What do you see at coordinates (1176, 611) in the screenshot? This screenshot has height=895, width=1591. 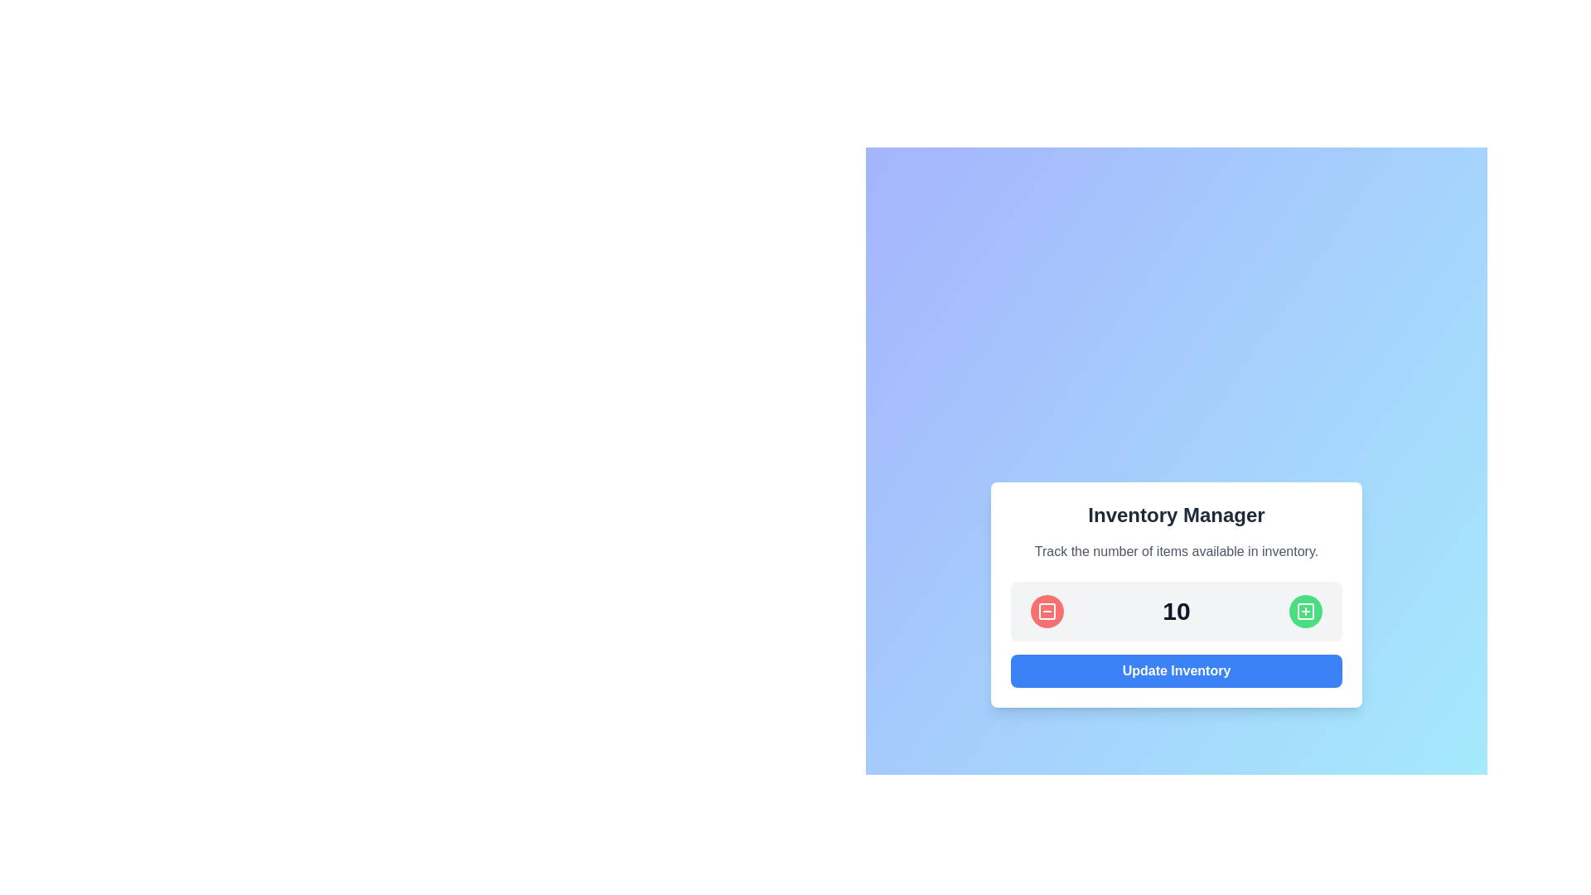 I see `the Display label that shows the current inventory count, centrally located between the minus and plus buttons in the 'Inventory Manager' card` at bounding box center [1176, 611].